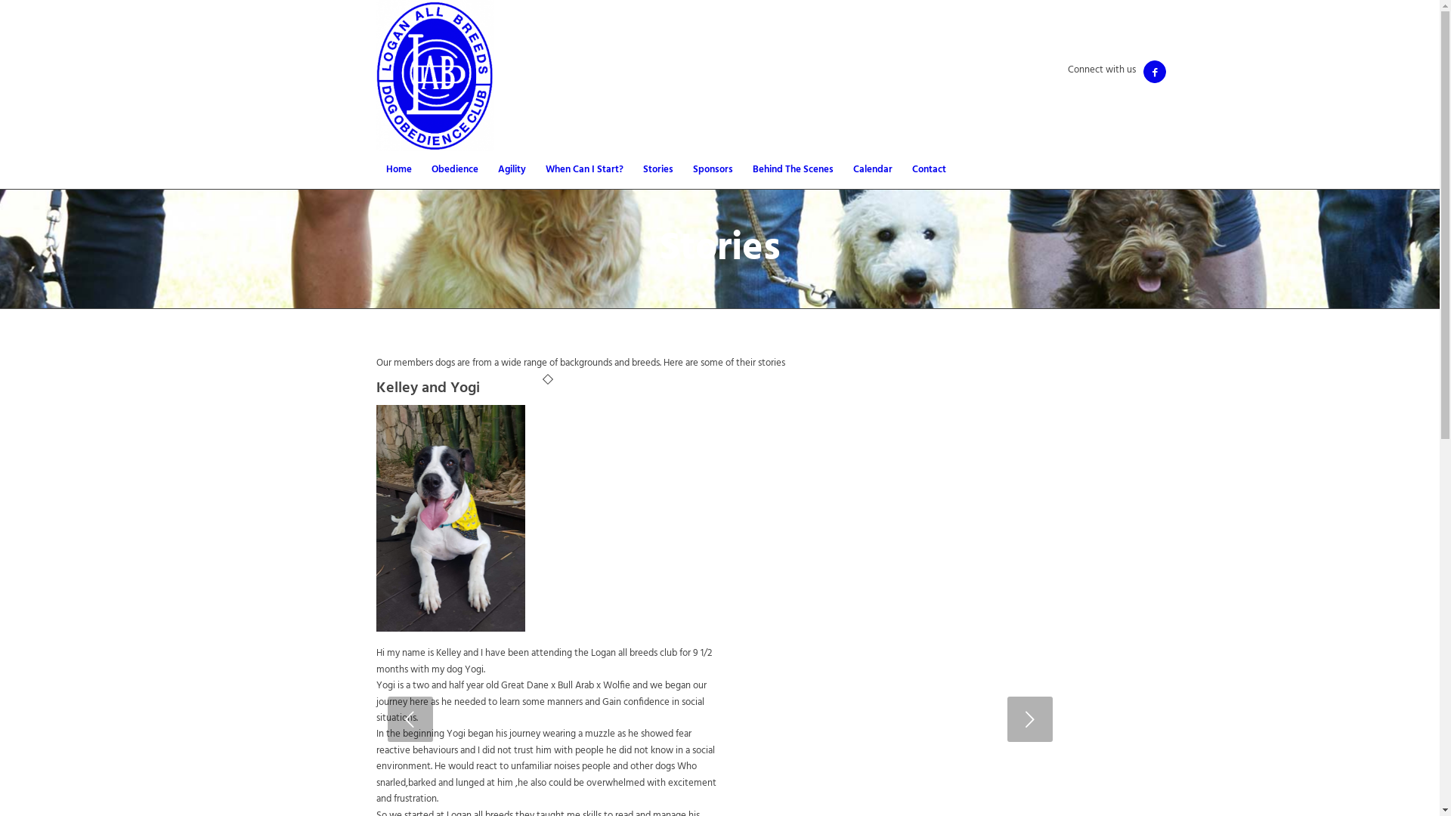 The width and height of the screenshot is (1451, 816). What do you see at coordinates (843, 169) in the screenshot?
I see `'Calendar'` at bounding box center [843, 169].